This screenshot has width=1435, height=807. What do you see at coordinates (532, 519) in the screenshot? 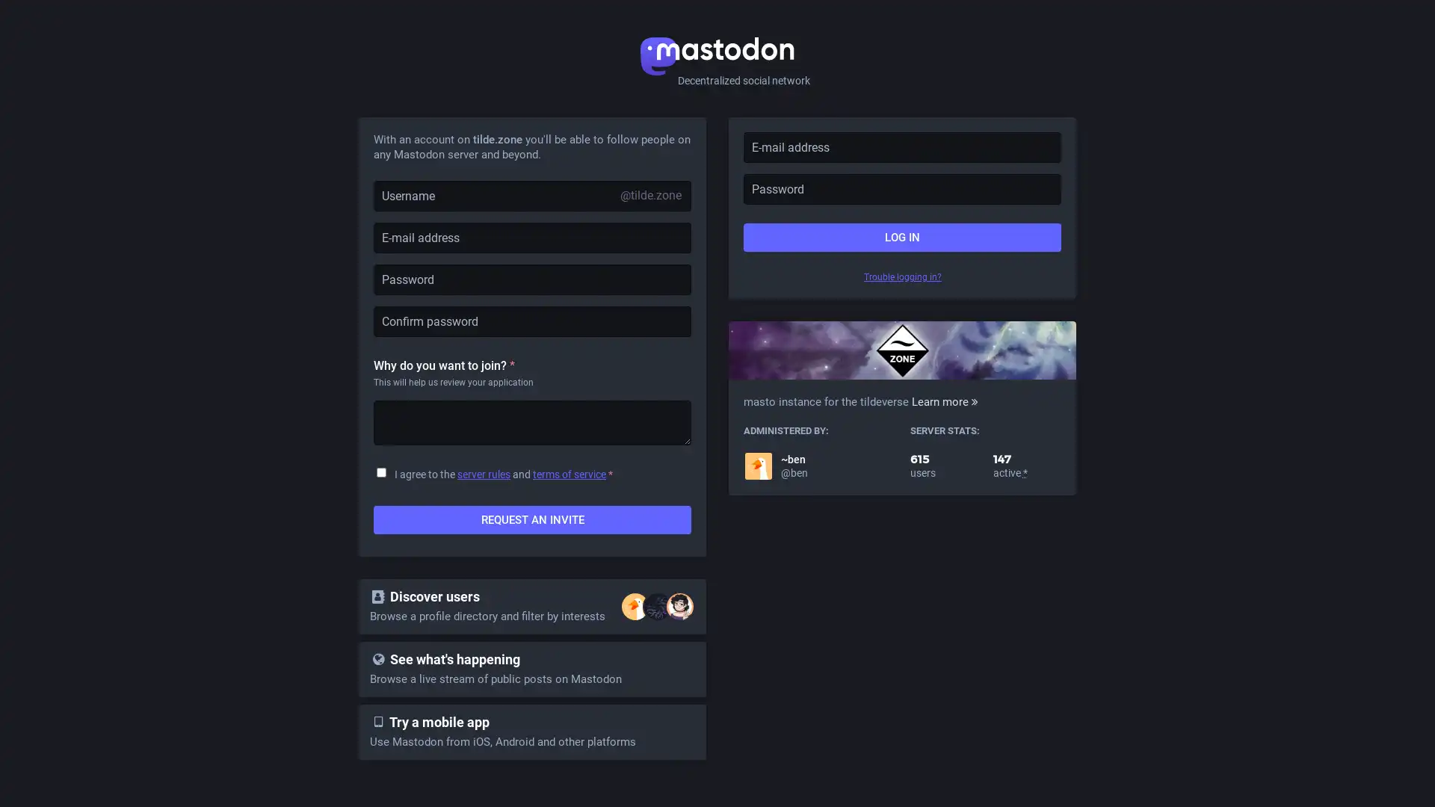
I see `REQUEST AN INVITE` at bounding box center [532, 519].